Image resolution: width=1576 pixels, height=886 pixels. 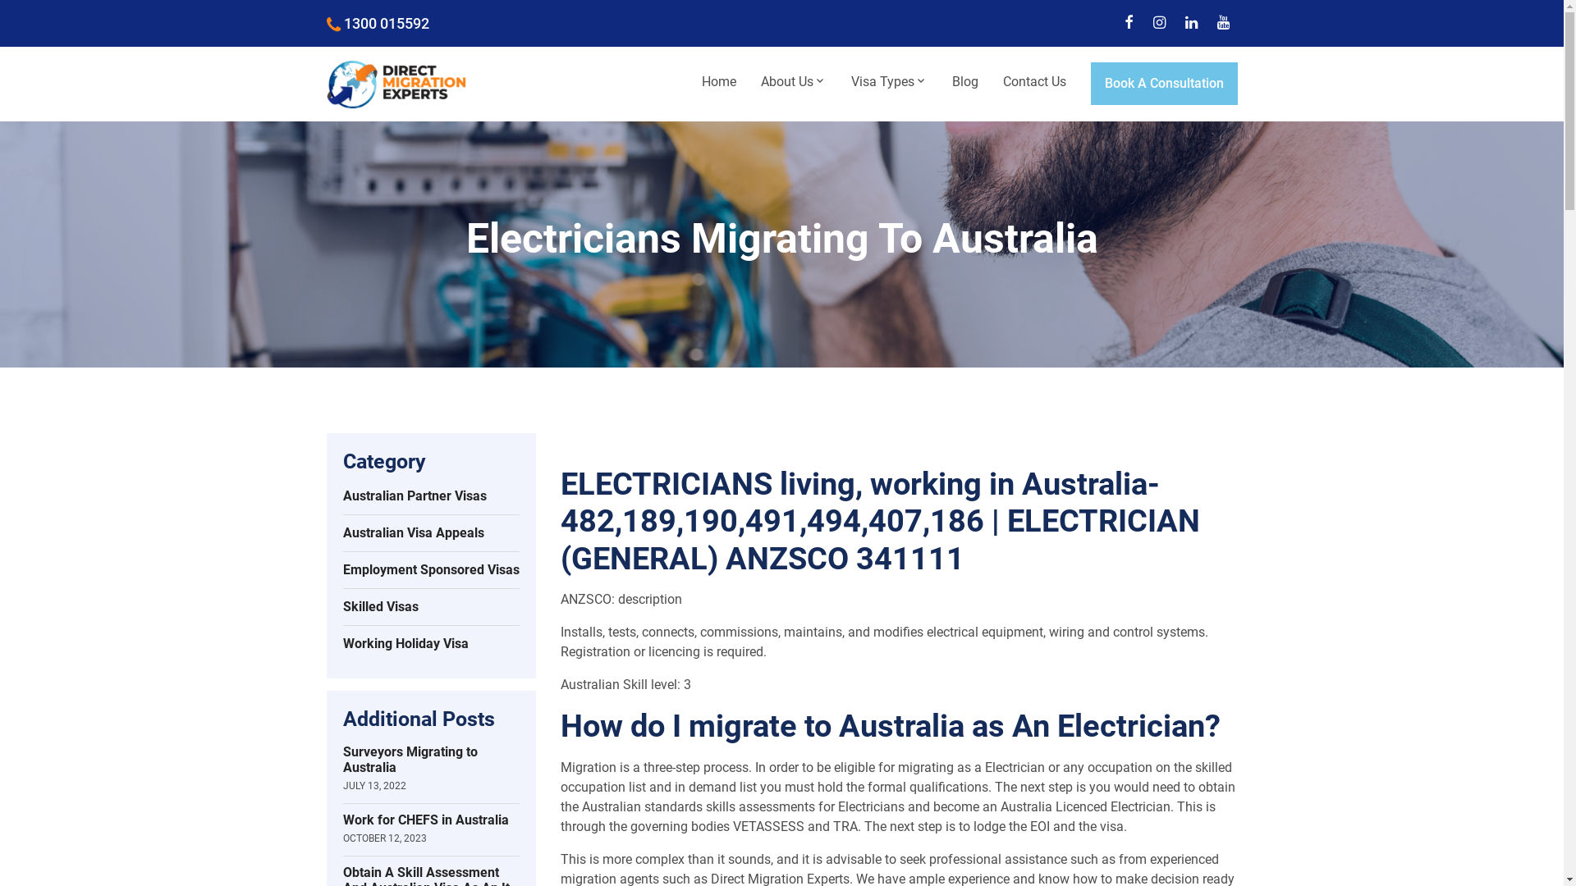 What do you see at coordinates (1162, 83) in the screenshot?
I see `'Book A Consultation'` at bounding box center [1162, 83].